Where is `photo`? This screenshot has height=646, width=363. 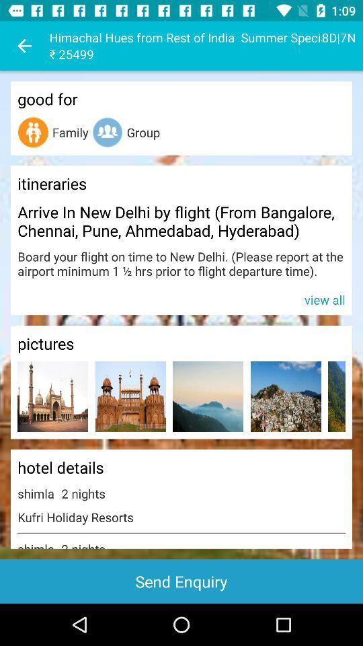 photo is located at coordinates (208, 396).